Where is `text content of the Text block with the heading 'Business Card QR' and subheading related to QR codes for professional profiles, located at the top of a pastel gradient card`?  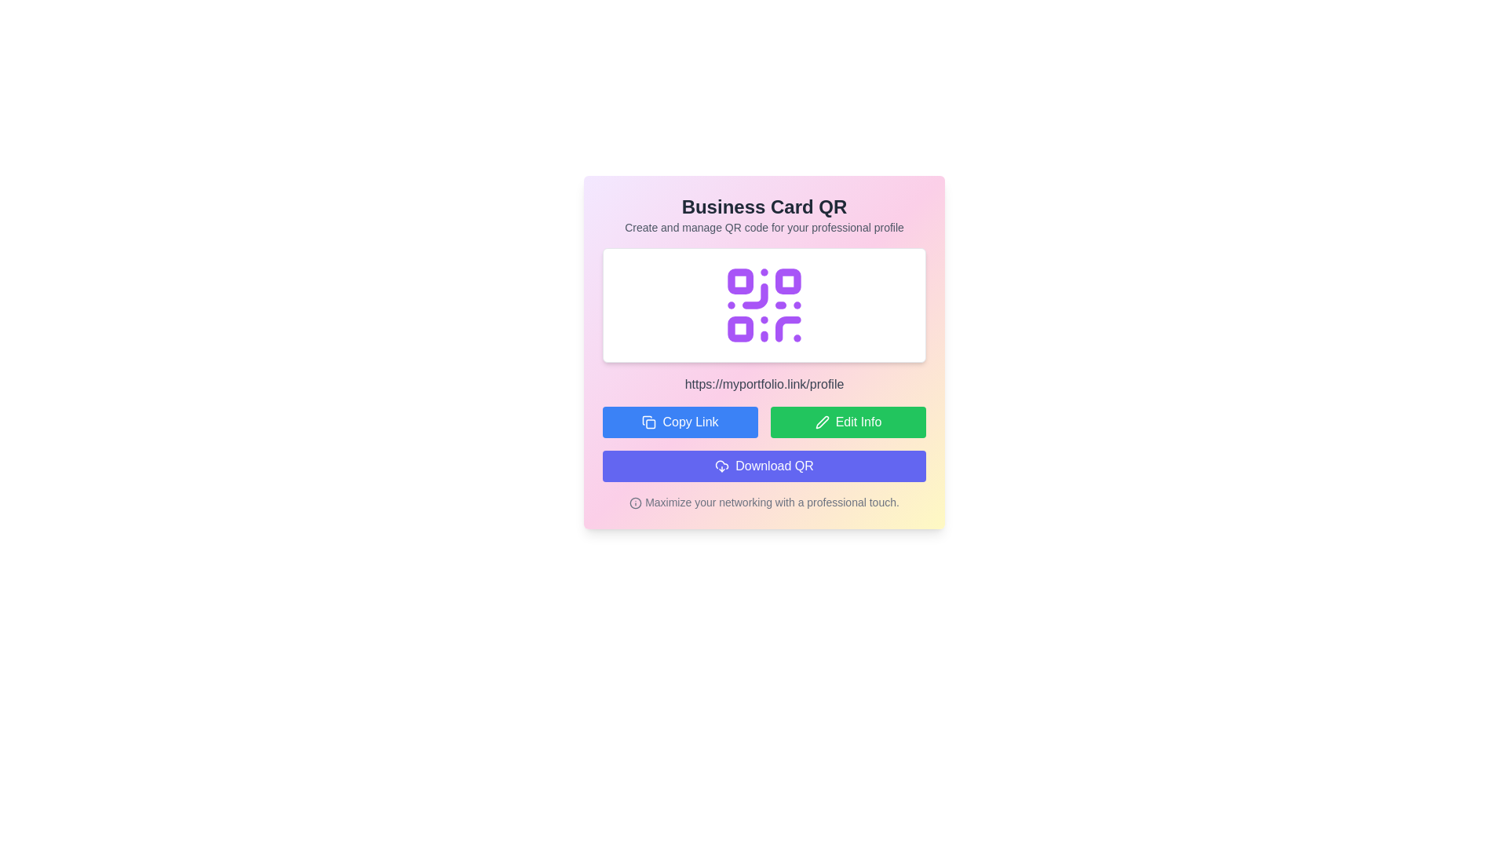
text content of the Text block with the heading 'Business Card QR' and subheading related to QR codes for professional profiles, located at the top of a pastel gradient card is located at coordinates (764, 214).